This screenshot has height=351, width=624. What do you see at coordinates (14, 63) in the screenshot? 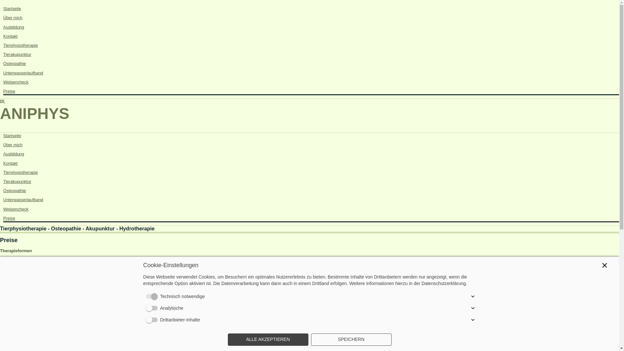
I see `'Osteopathie'` at bounding box center [14, 63].